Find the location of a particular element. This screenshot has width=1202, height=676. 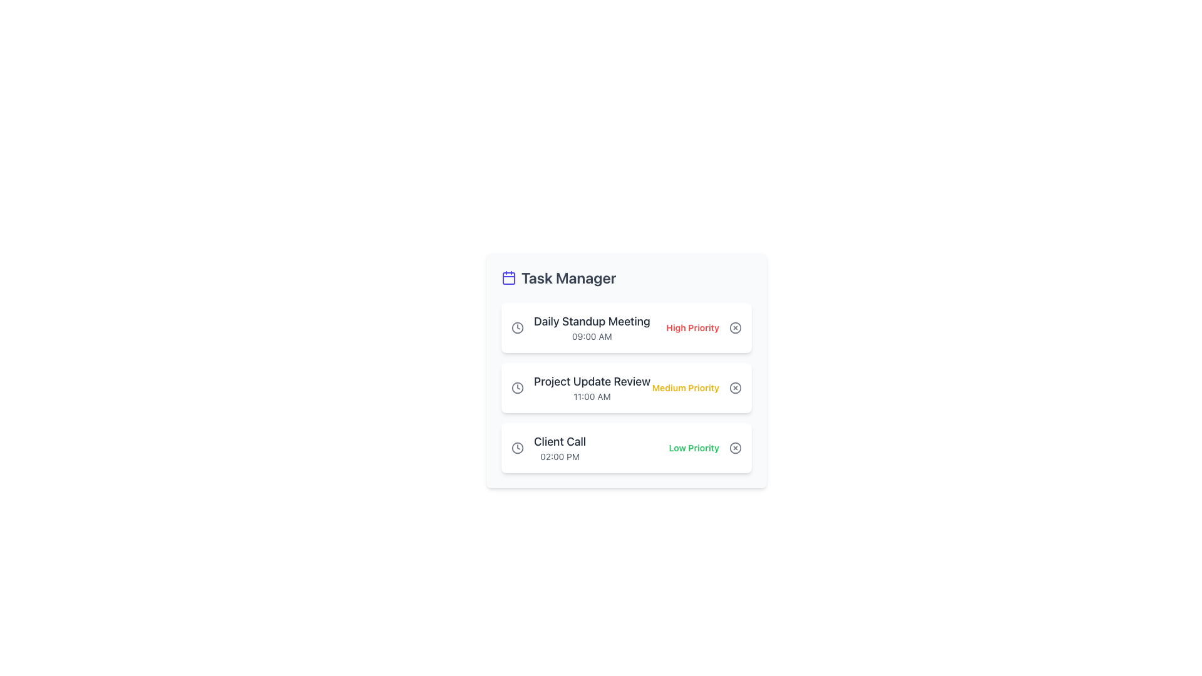

the scheduled task element for 'Client Call' at '02:00 PM' located in the third task card under the 'Task Manager' heading is located at coordinates (548, 448).